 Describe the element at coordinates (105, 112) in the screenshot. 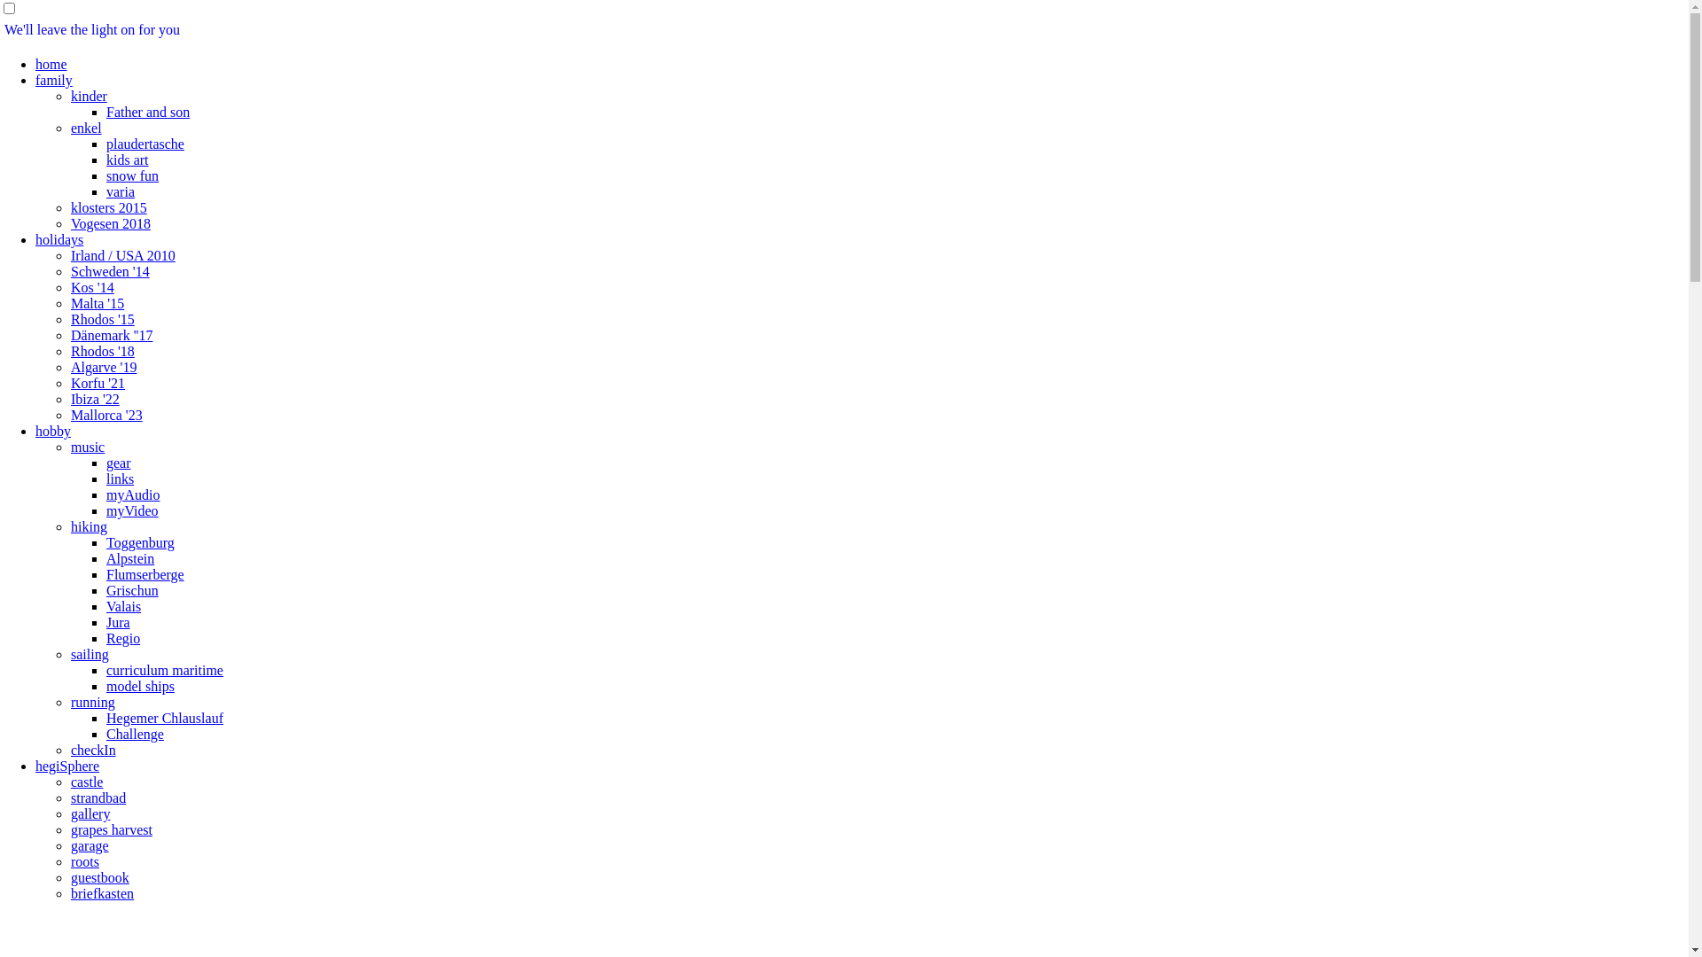

I see `'Father and son'` at that location.